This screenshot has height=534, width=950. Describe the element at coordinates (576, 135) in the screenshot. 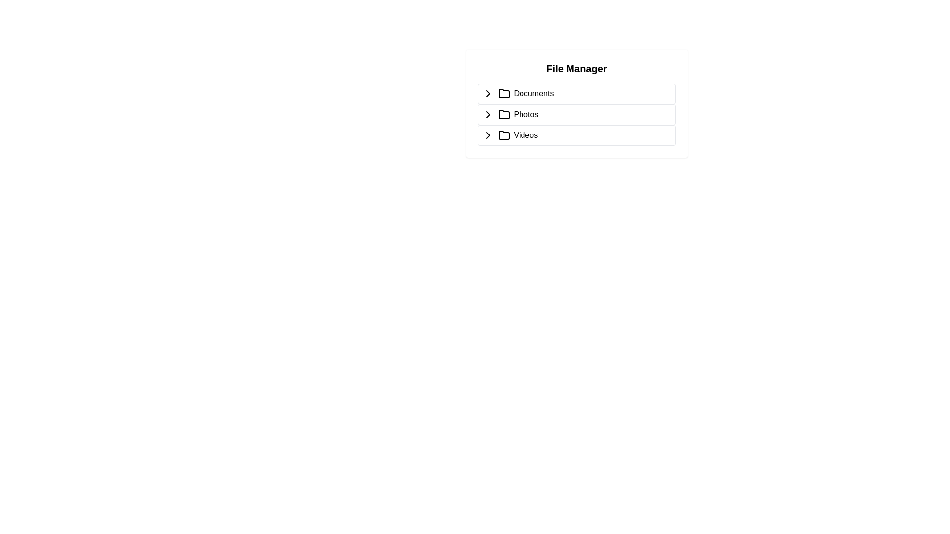

I see `the 'Videos' category list item in the File Manager interface, which is the third entry in the list` at that location.